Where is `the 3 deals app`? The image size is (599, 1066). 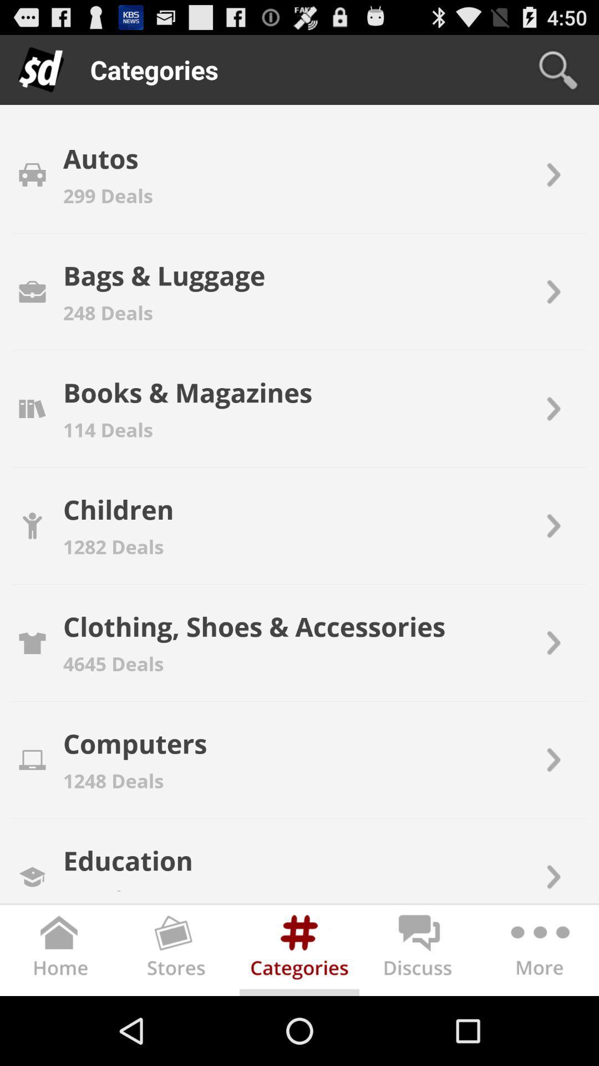
the 3 deals app is located at coordinates (97, 886).